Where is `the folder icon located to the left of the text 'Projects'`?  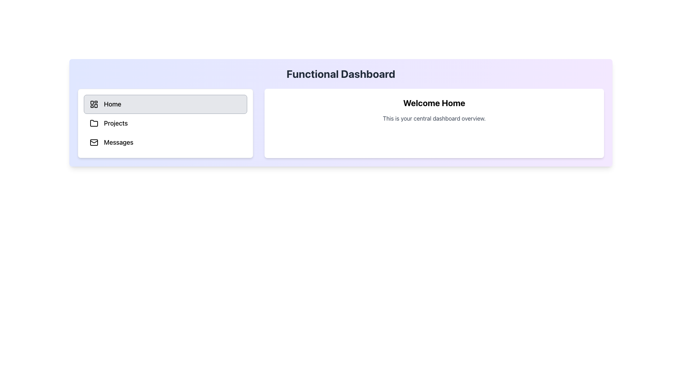 the folder icon located to the left of the text 'Projects' is located at coordinates (93, 122).